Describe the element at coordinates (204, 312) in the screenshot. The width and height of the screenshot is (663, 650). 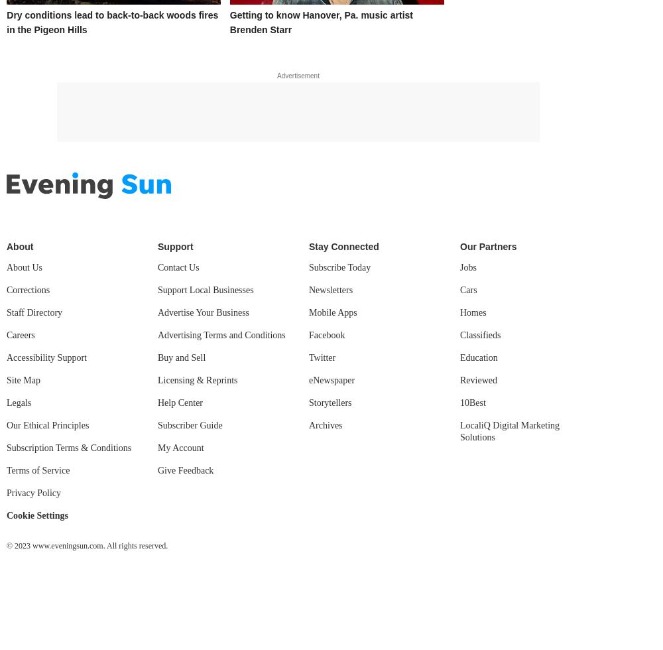
I see `'Advertise Your Business'` at that location.